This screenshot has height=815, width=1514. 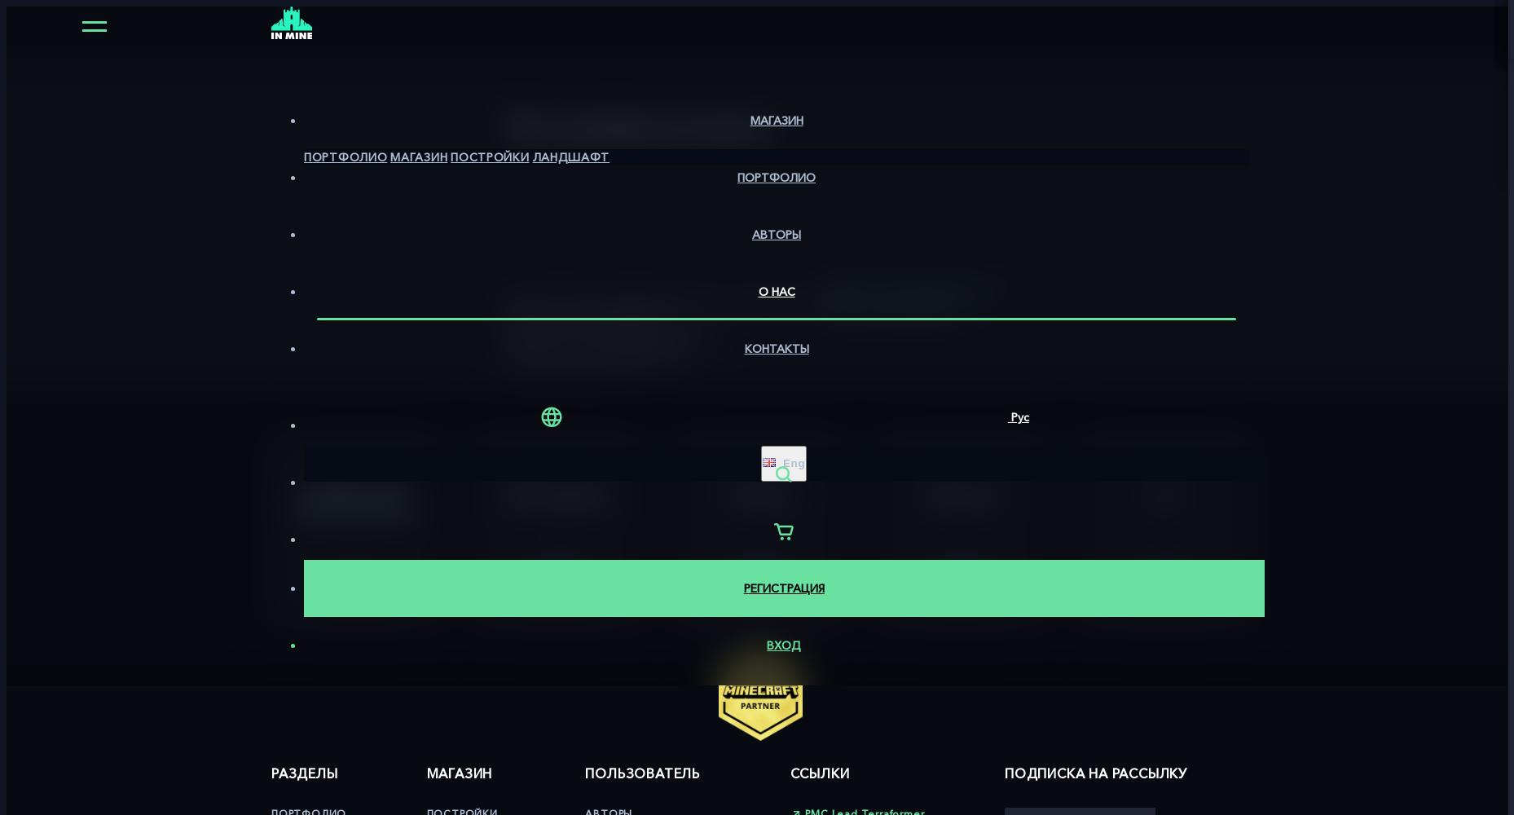 What do you see at coordinates (1164, 492) in the screenshot?
I see `'VK'` at bounding box center [1164, 492].